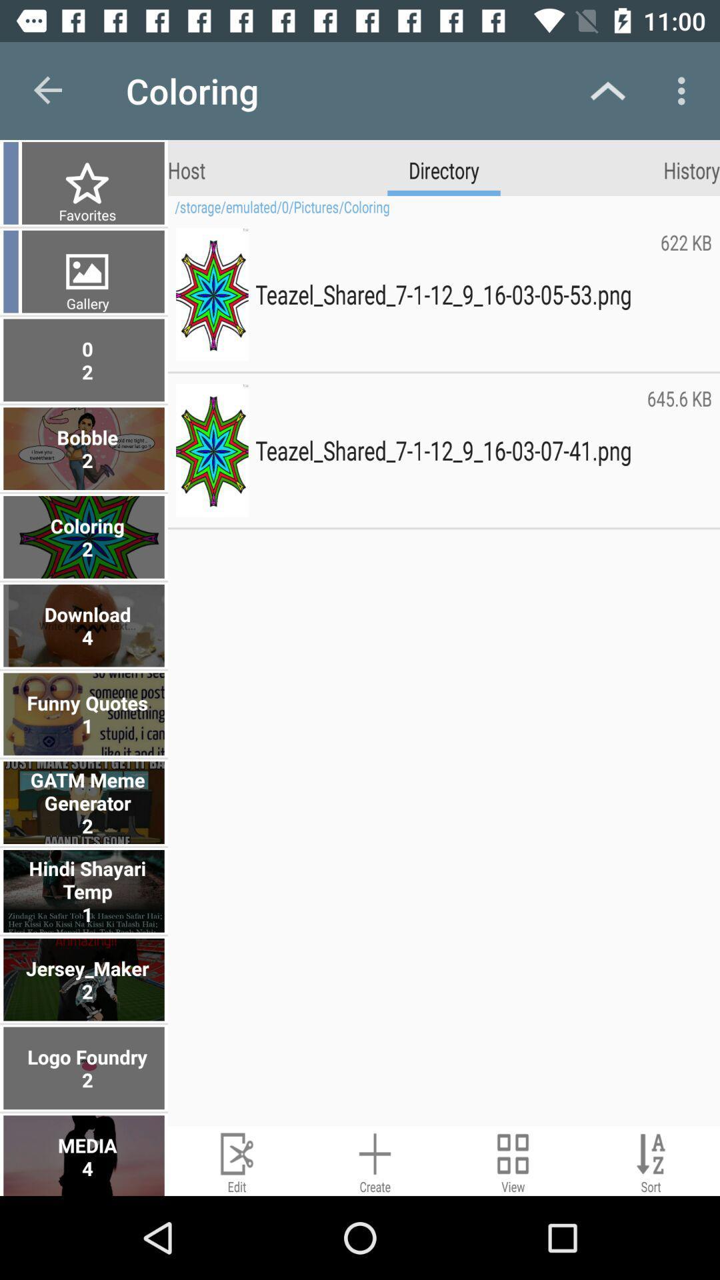 The height and width of the screenshot is (1280, 720). What do you see at coordinates (686, 293) in the screenshot?
I see `the 622 kb item` at bounding box center [686, 293].